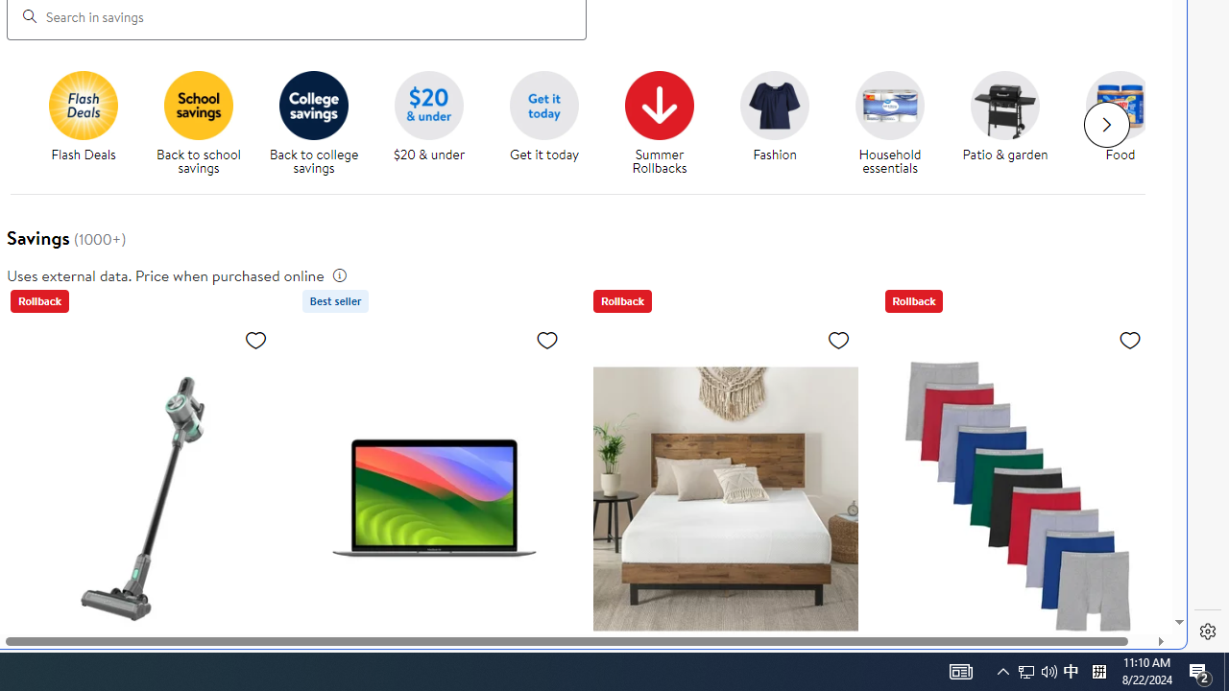  Describe the element at coordinates (1011, 124) in the screenshot. I see `'Patio & garden'` at that location.